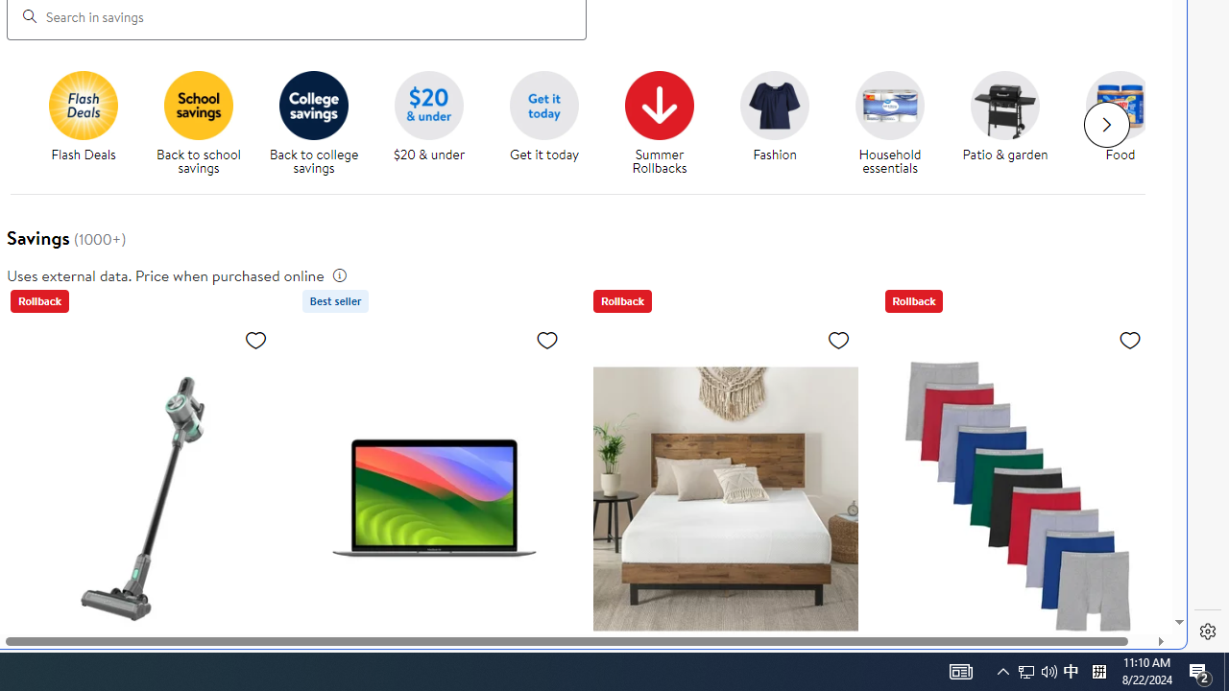  Describe the element at coordinates (1011, 124) in the screenshot. I see `'Patio & garden'` at that location.